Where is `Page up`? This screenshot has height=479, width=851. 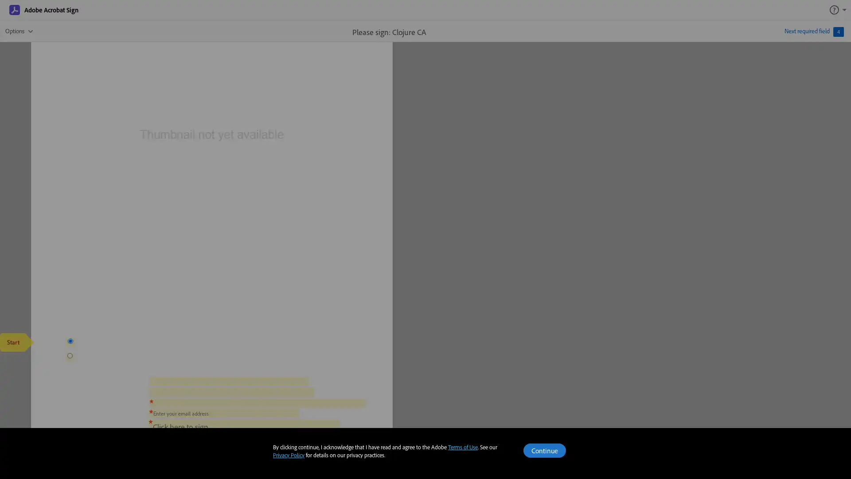
Page up is located at coordinates (366, 448).